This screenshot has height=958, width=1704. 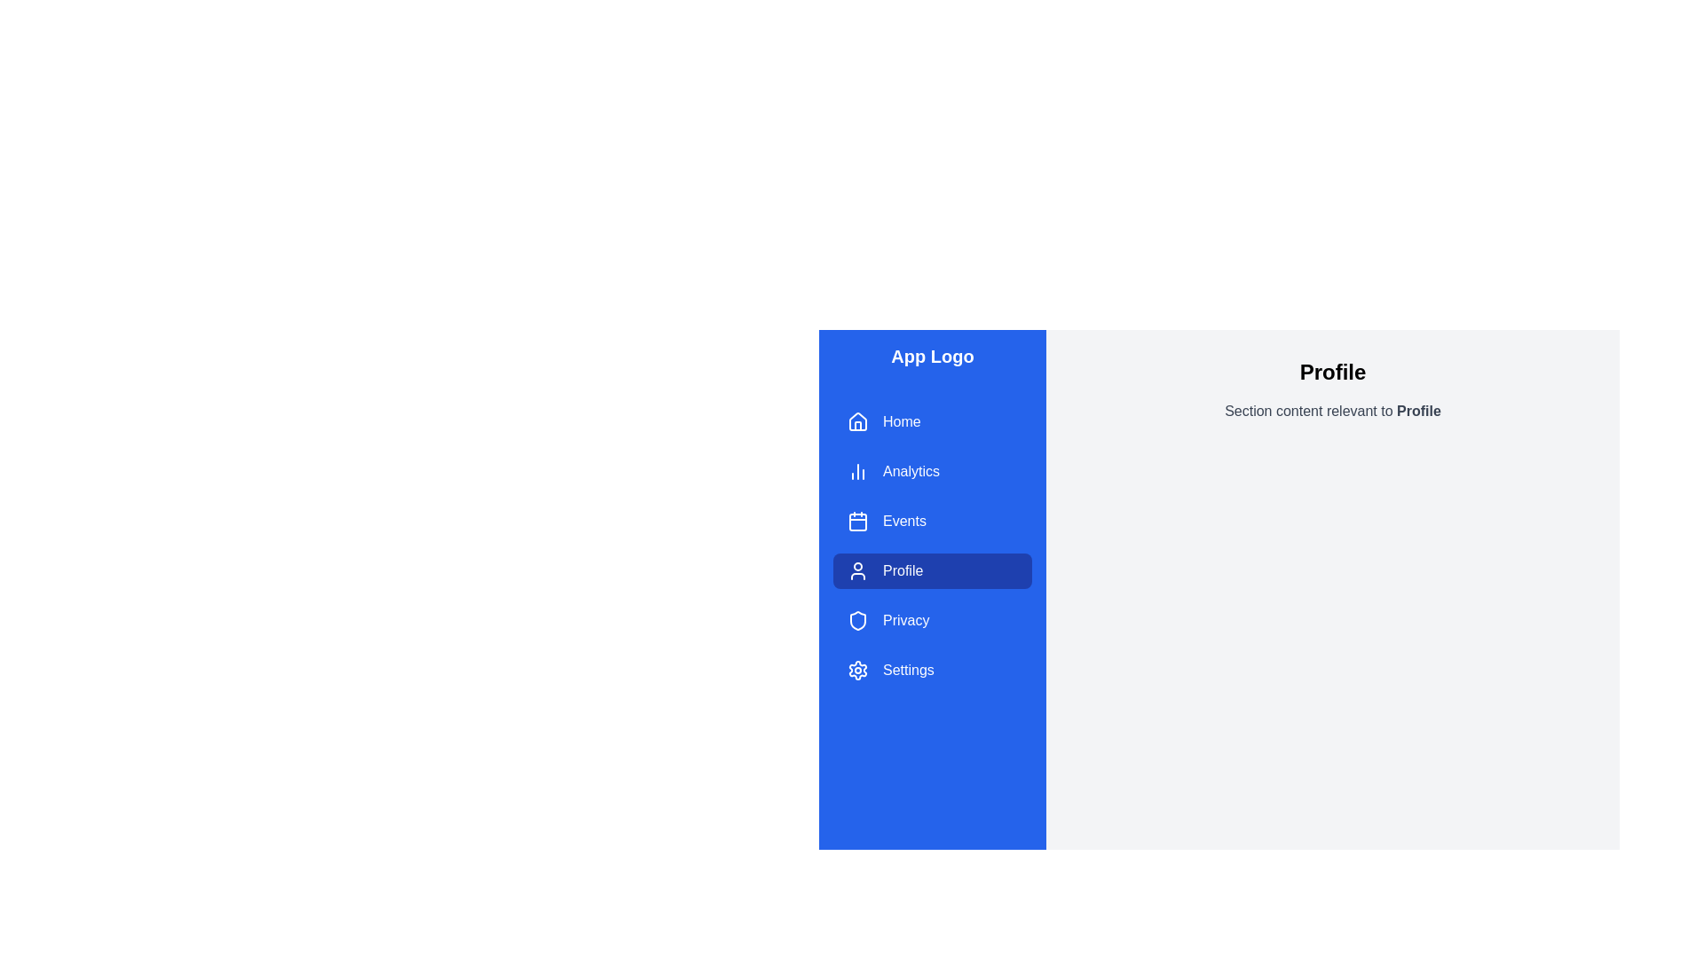 What do you see at coordinates (908, 671) in the screenshot?
I see `the 'Settings' text label in the blue sidebar menu` at bounding box center [908, 671].